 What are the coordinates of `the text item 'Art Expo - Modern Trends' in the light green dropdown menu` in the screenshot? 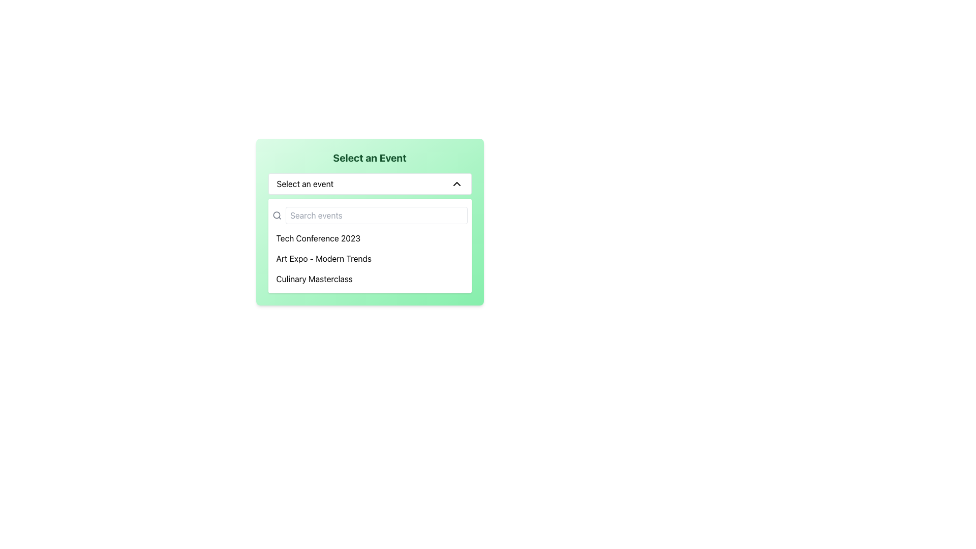 It's located at (323, 258).